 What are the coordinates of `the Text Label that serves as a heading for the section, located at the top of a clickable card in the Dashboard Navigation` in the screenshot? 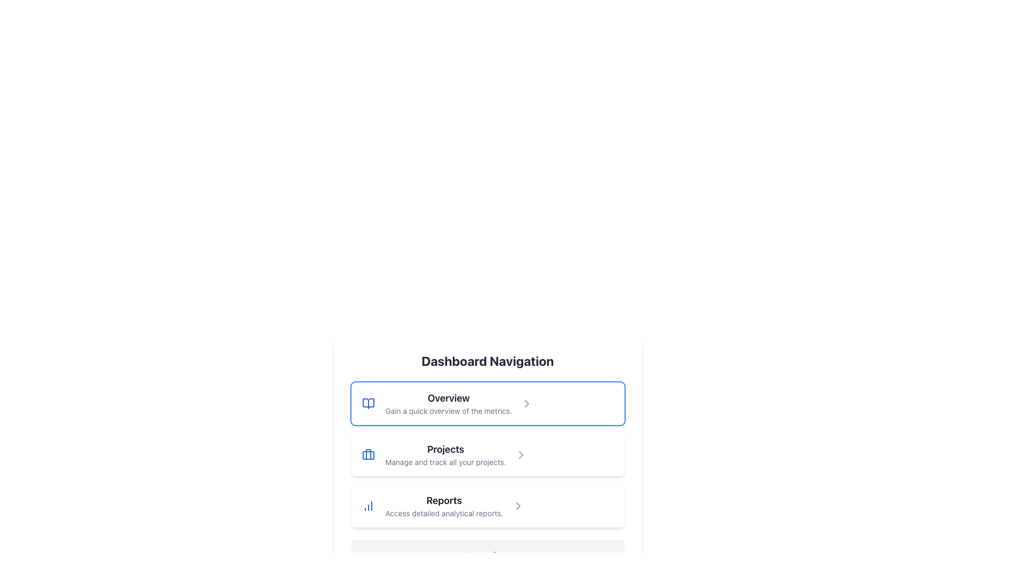 It's located at (449, 398).